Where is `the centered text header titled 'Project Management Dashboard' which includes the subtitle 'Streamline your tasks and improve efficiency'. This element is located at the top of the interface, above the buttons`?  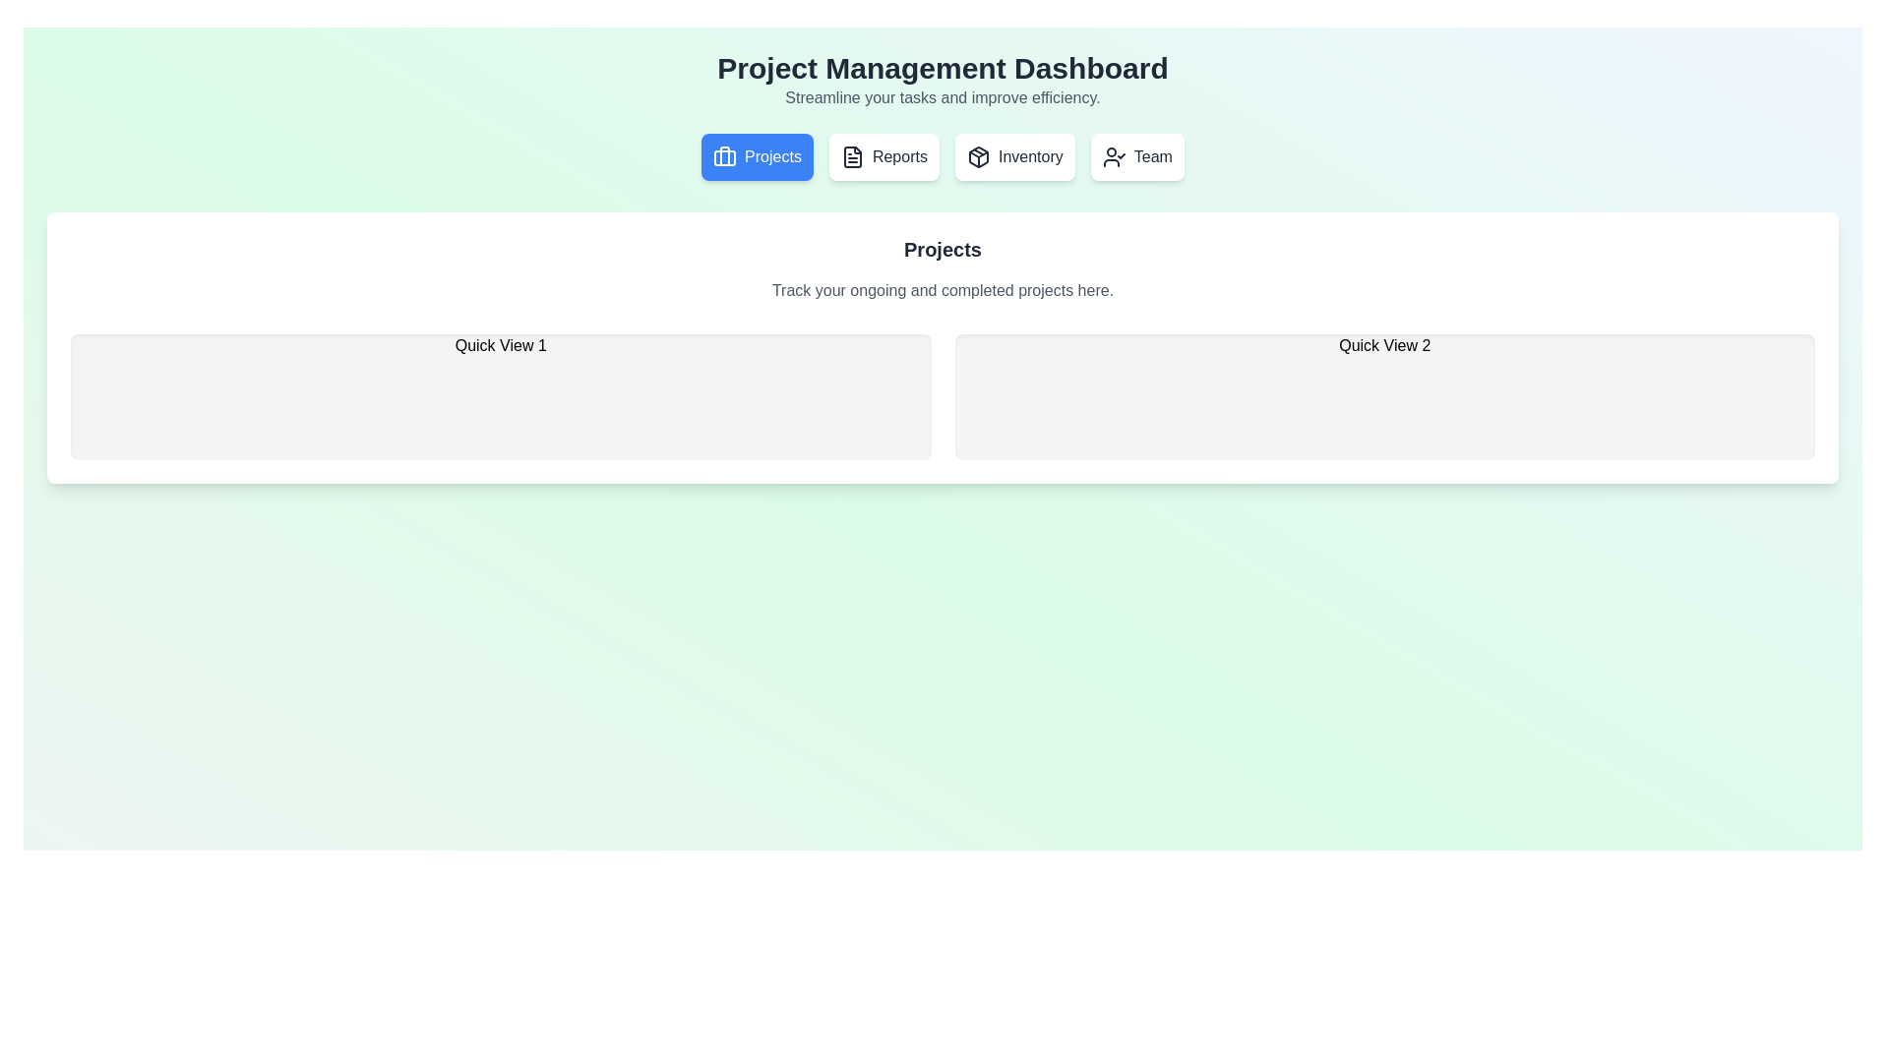 the centered text header titled 'Project Management Dashboard' which includes the subtitle 'Streamline your tasks and improve efficiency'. This element is located at the top of the interface, above the buttons is located at coordinates (942, 79).